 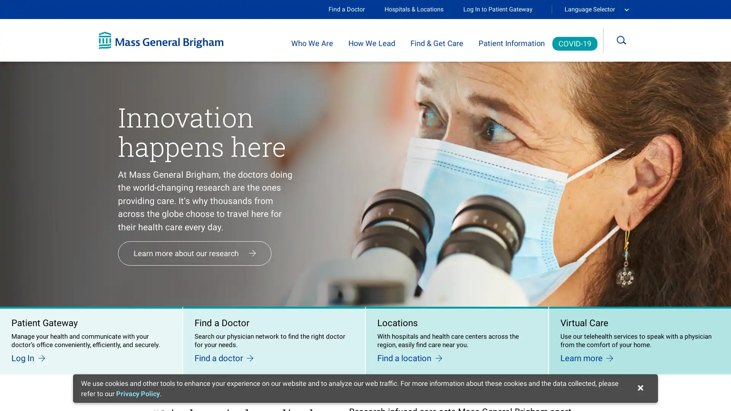 What do you see at coordinates (627, 40) in the screenshot?
I see `Search` at bounding box center [627, 40].